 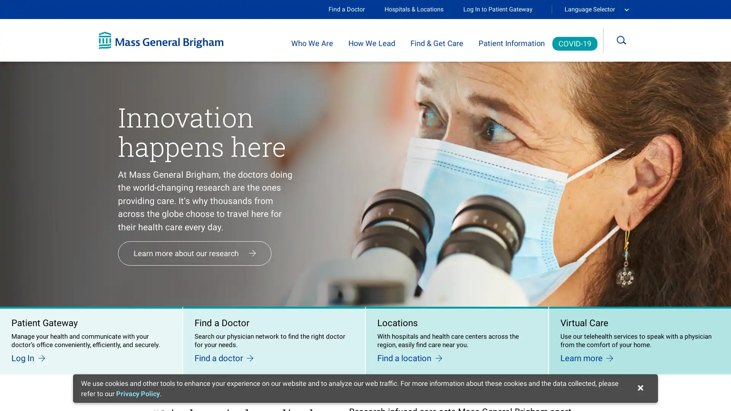 What do you see at coordinates (627, 40) in the screenshot?
I see `Search` at bounding box center [627, 40].